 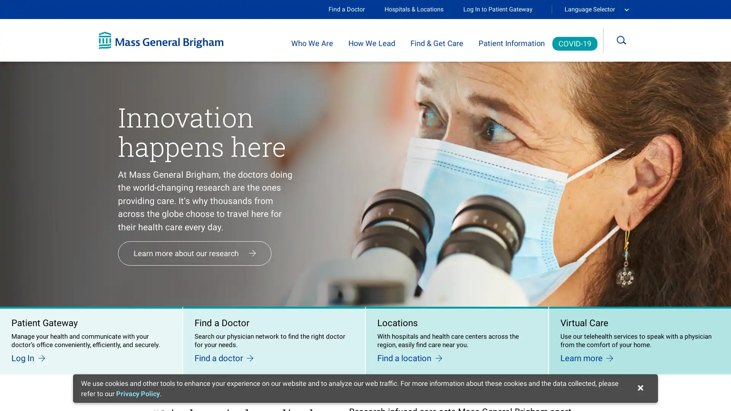 What do you see at coordinates (627, 40) in the screenshot?
I see `Search` at bounding box center [627, 40].